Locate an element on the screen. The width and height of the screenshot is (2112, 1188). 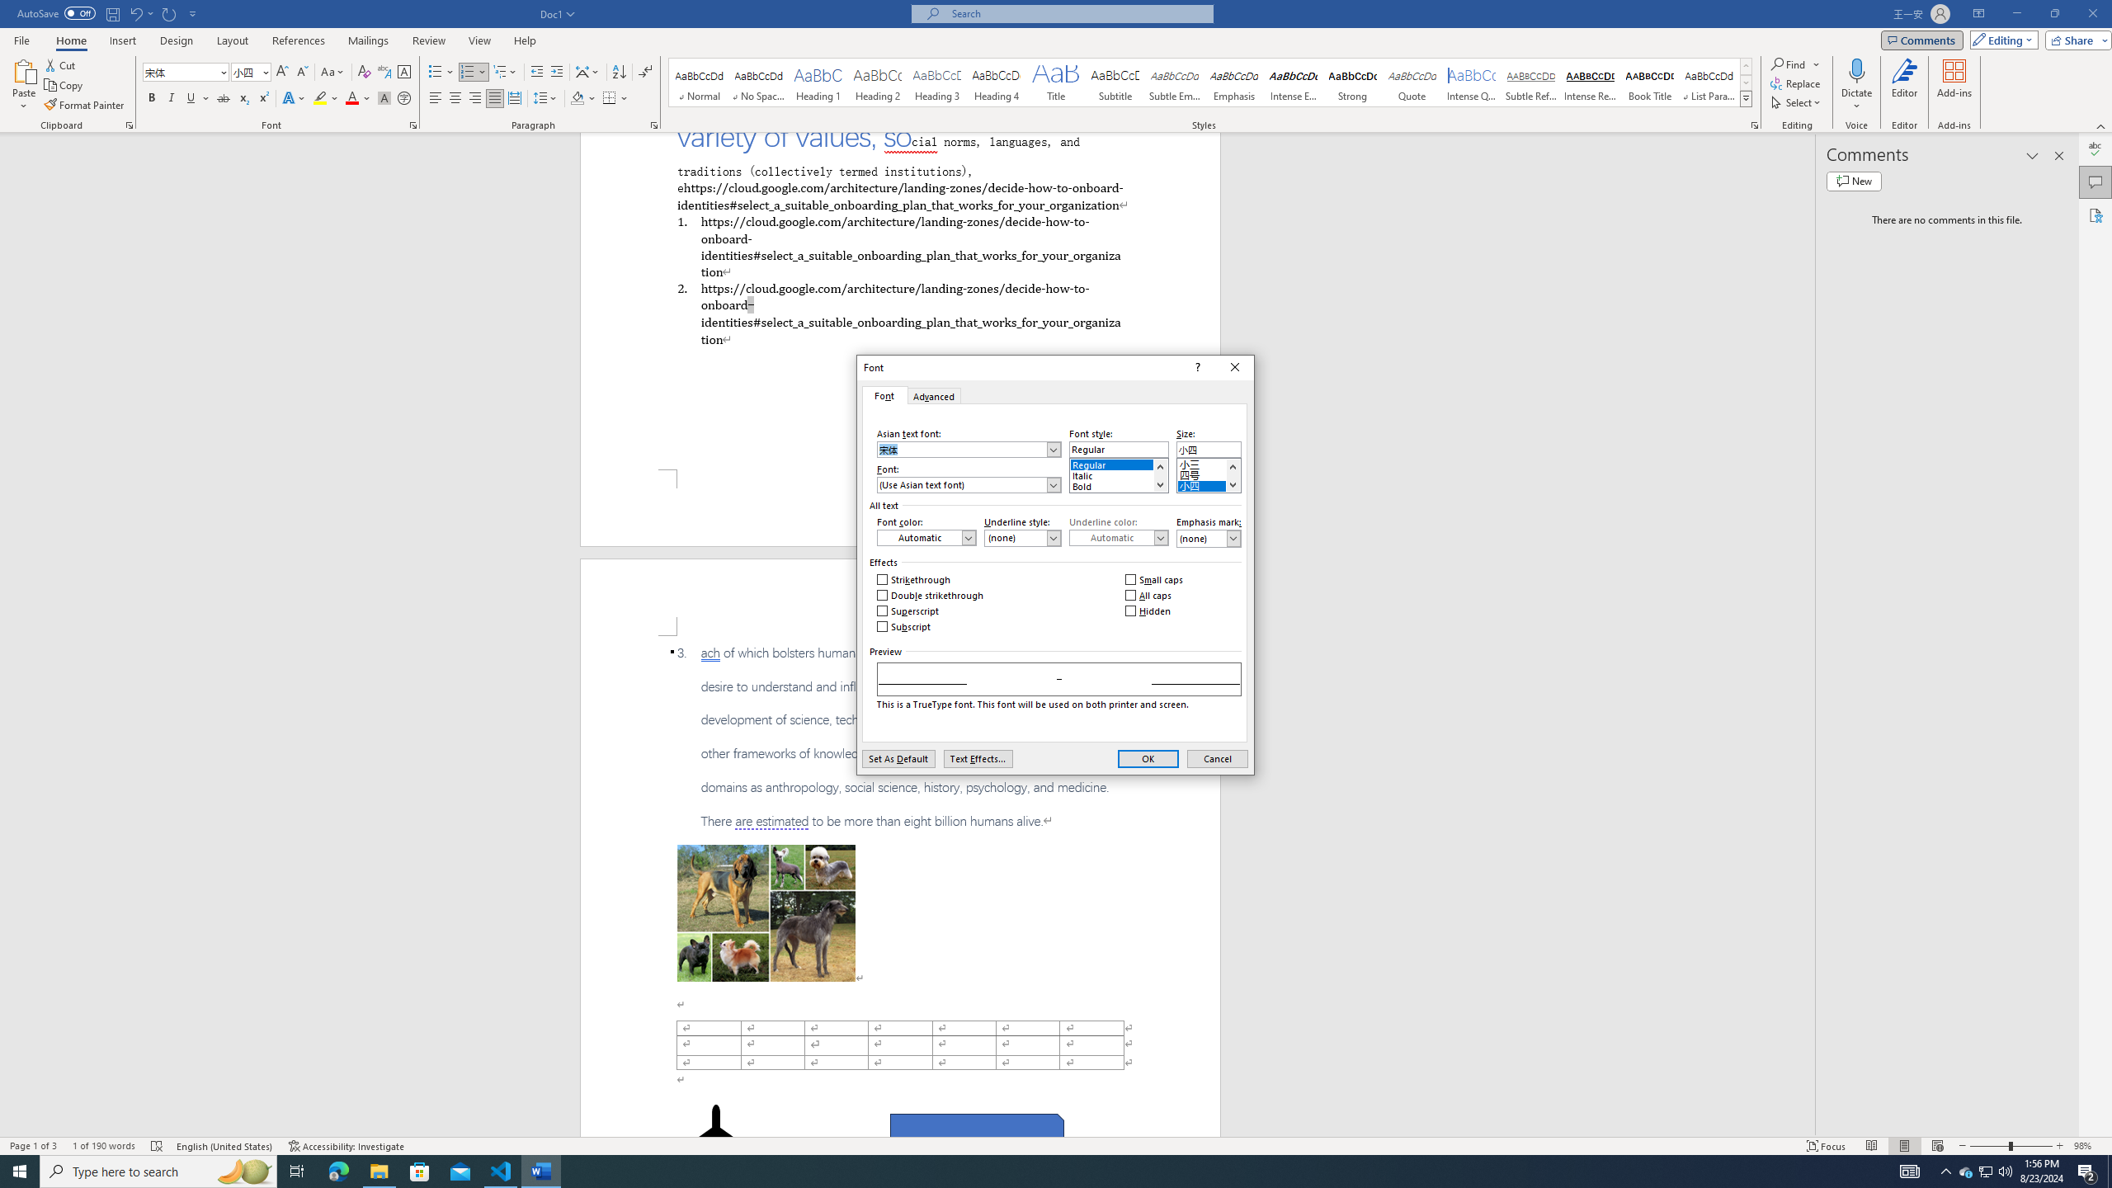
'Review' is located at coordinates (427, 40).